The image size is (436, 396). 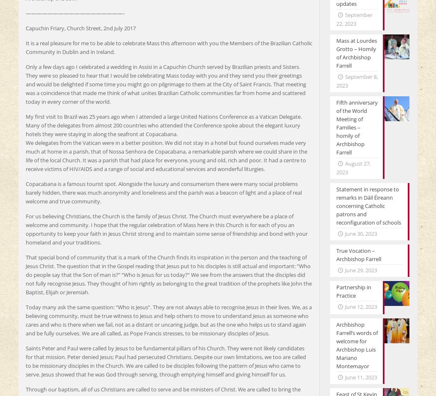 I want to click on 'September 8, 2023', so click(x=357, y=81).